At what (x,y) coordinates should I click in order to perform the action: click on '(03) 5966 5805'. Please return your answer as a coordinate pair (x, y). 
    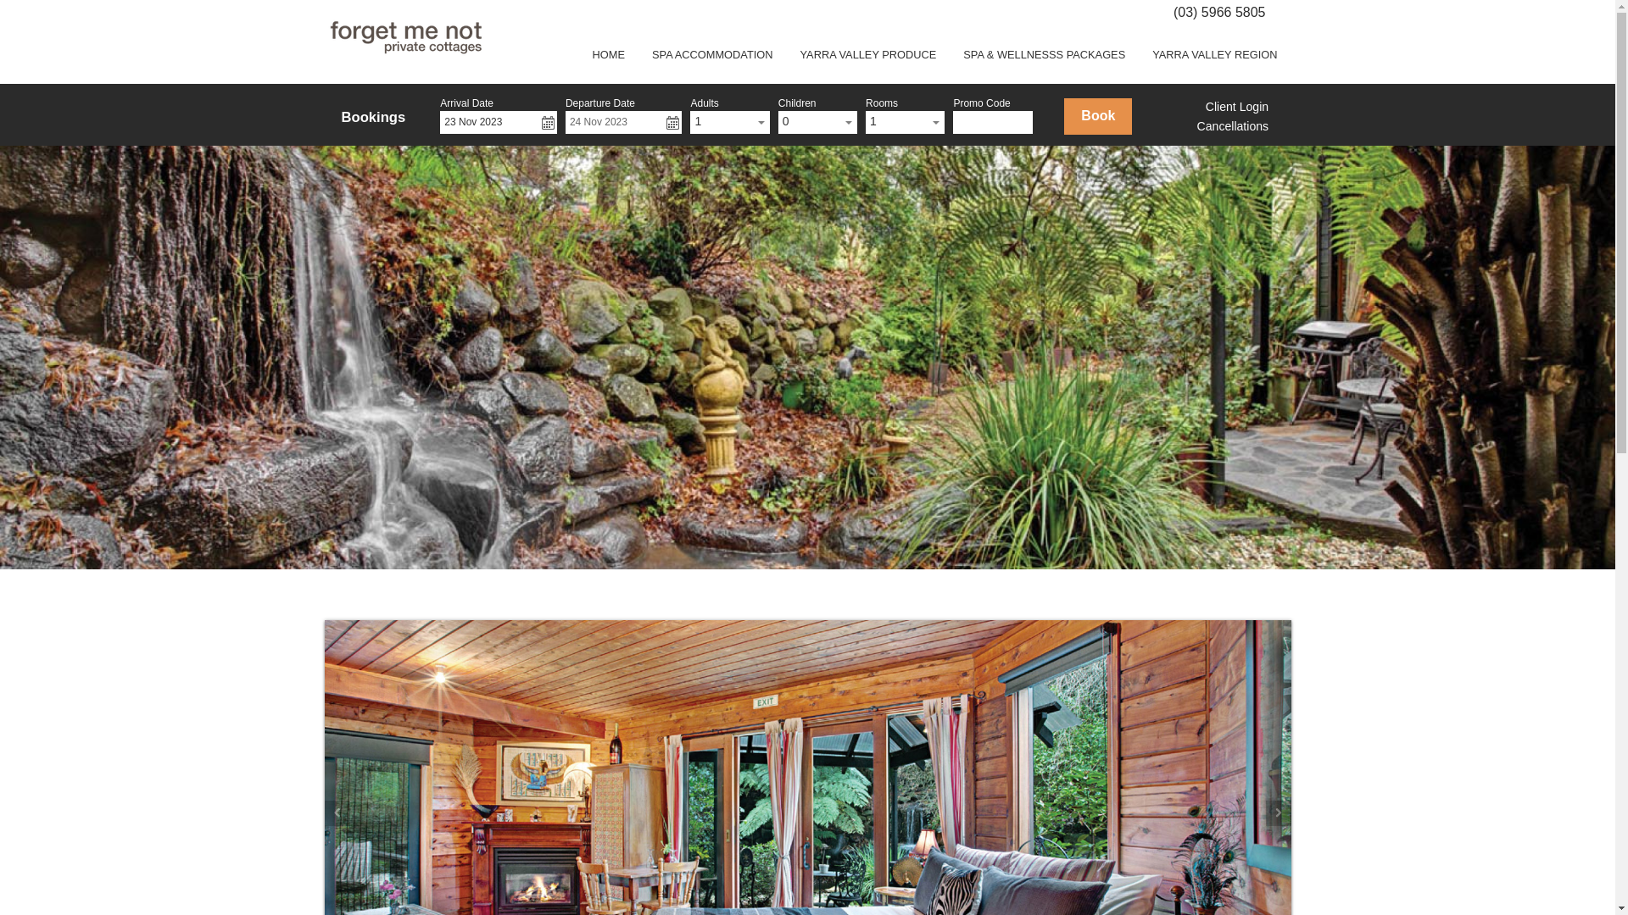
    Looking at the image, I should click on (1218, 12).